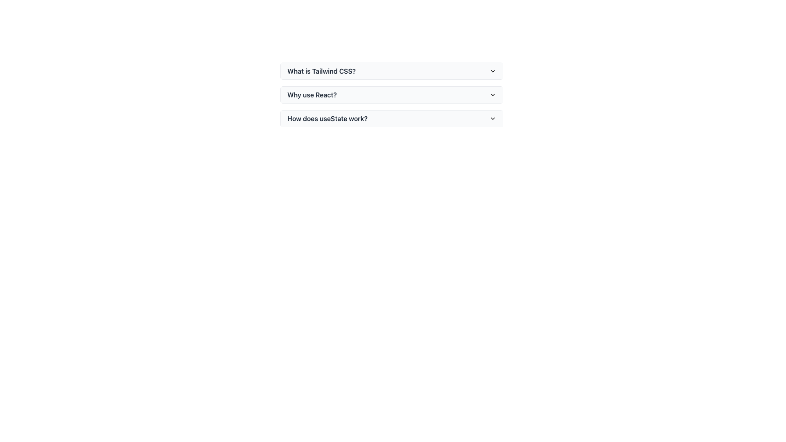 The width and height of the screenshot is (786, 442). What do you see at coordinates (492, 118) in the screenshot?
I see `the downward-pointing chevron icon located to the right of the text 'How does useState work?'` at bounding box center [492, 118].